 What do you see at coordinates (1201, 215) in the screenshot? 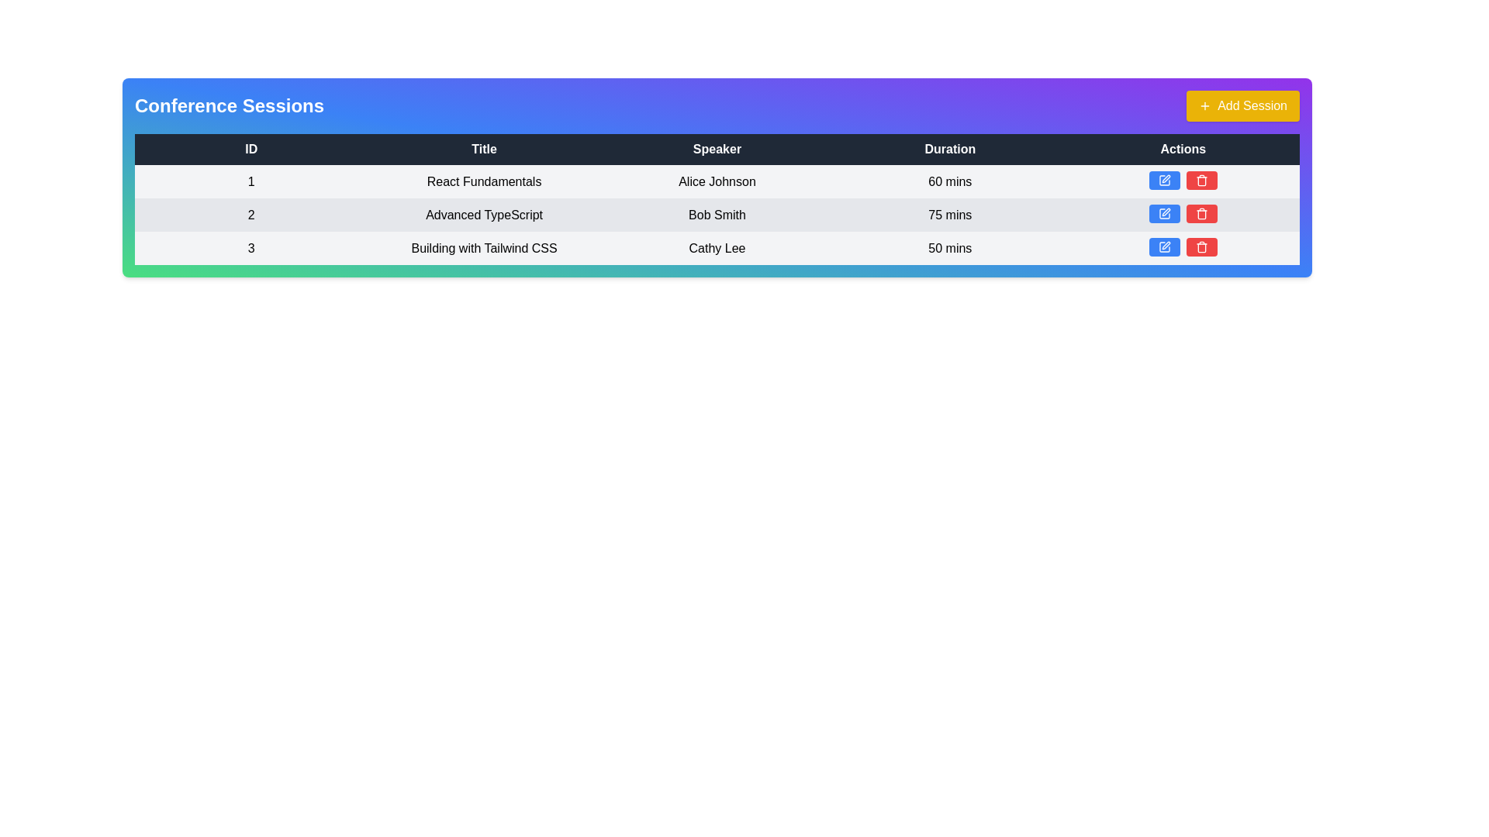
I see `the lower bin section of the trash icon within the Actions column for the 'Advanced TypeScript' session` at bounding box center [1201, 215].